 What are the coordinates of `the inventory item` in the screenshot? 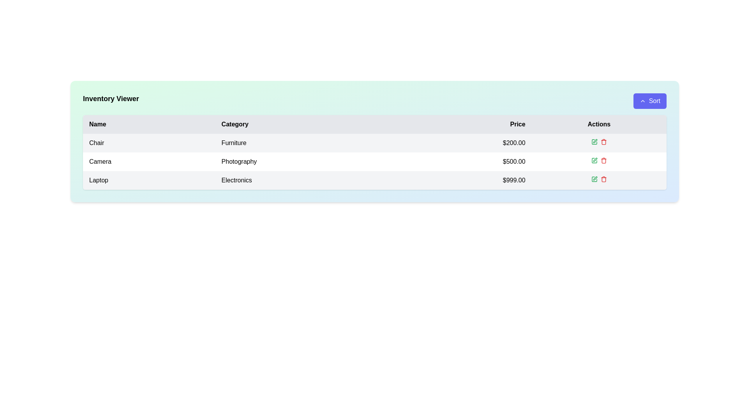 It's located at (149, 180).